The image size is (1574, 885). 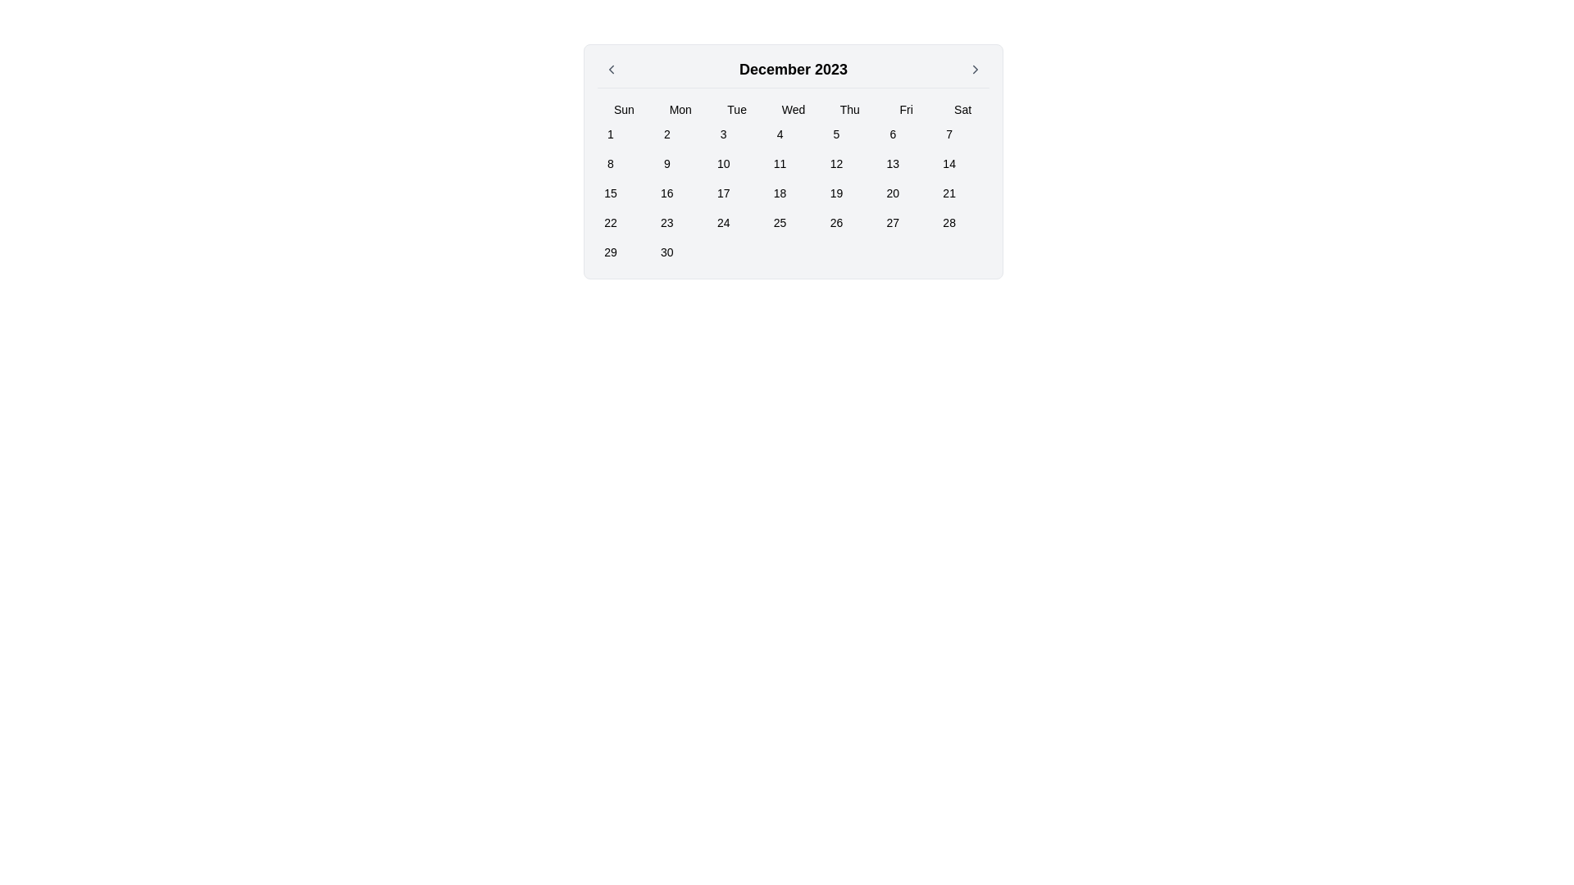 What do you see at coordinates (609, 164) in the screenshot?
I see `the button representing the day '8'` at bounding box center [609, 164].